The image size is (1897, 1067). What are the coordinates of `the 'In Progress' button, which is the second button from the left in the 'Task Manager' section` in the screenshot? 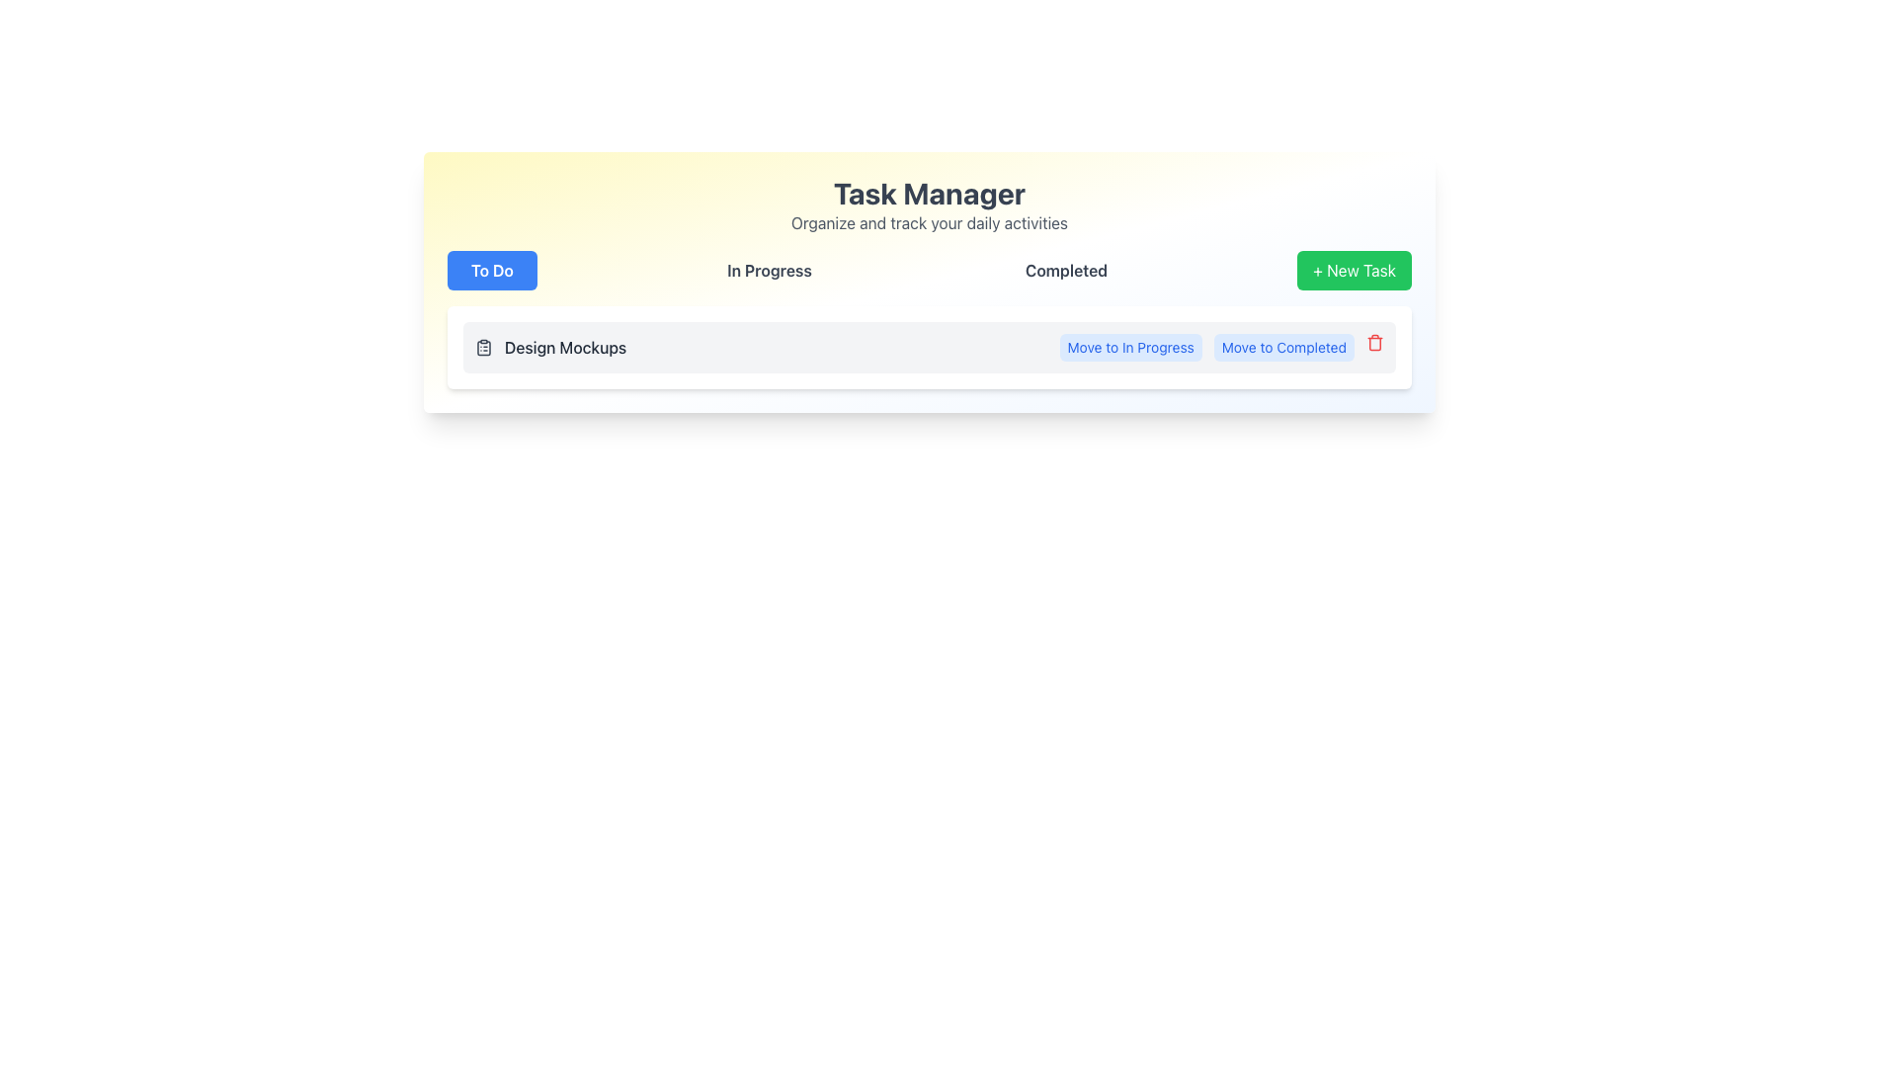 It's located at (768, 270).